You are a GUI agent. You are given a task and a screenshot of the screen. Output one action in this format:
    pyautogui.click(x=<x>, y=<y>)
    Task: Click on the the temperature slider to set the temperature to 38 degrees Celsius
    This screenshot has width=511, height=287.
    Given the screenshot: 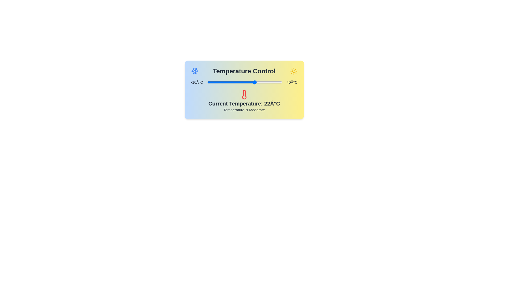 What is the action you would take?
    pyautogui.click(x=279, y=82)
    